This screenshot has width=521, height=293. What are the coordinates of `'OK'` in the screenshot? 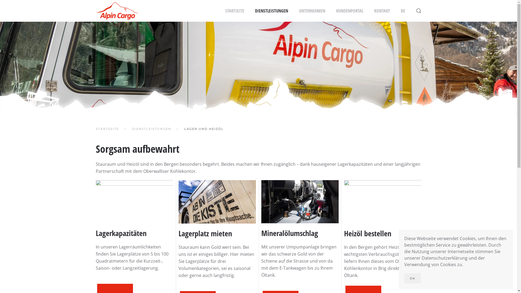 It's located at (412, 278).